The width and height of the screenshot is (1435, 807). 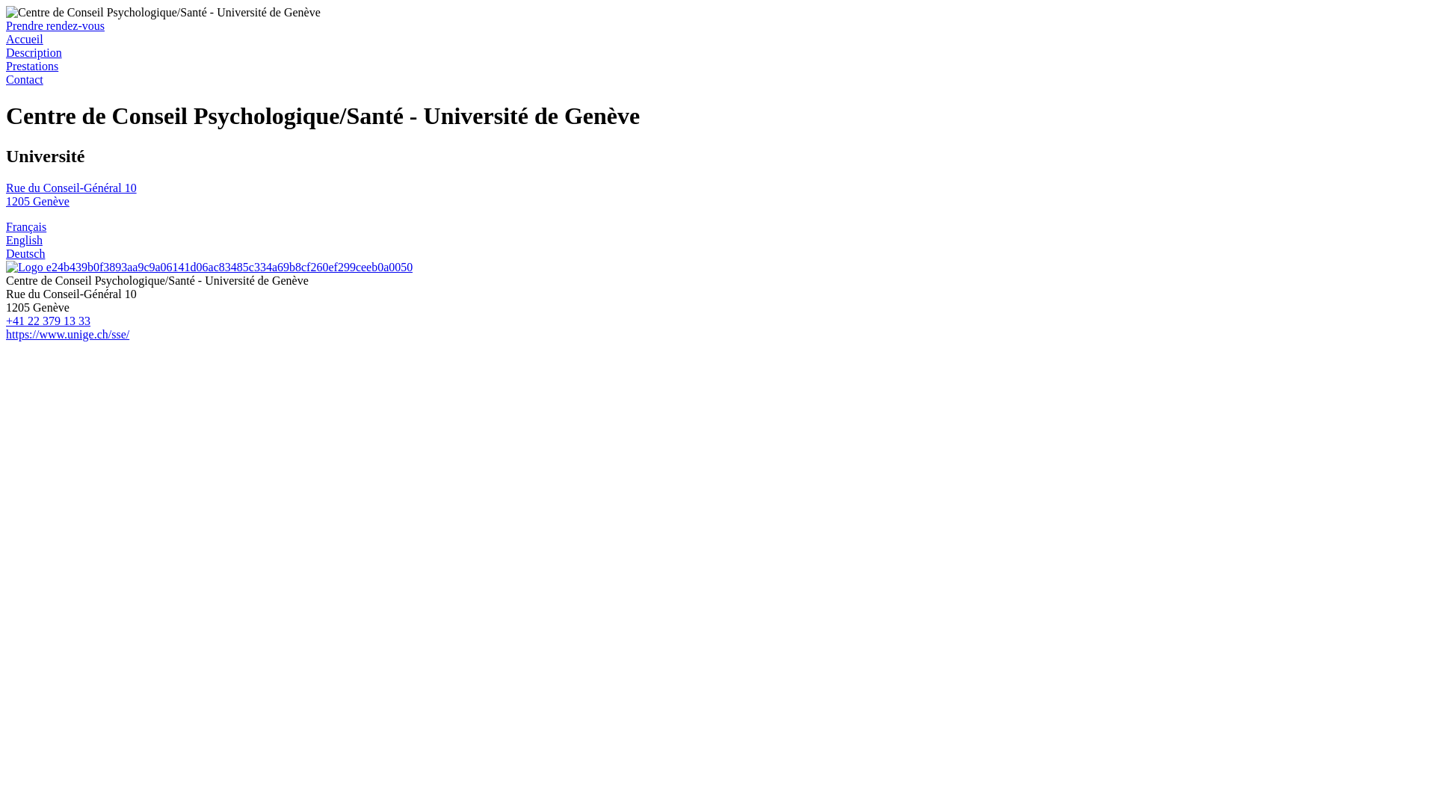 I want to click on 'Deutsch', so click(x=6, y=253).